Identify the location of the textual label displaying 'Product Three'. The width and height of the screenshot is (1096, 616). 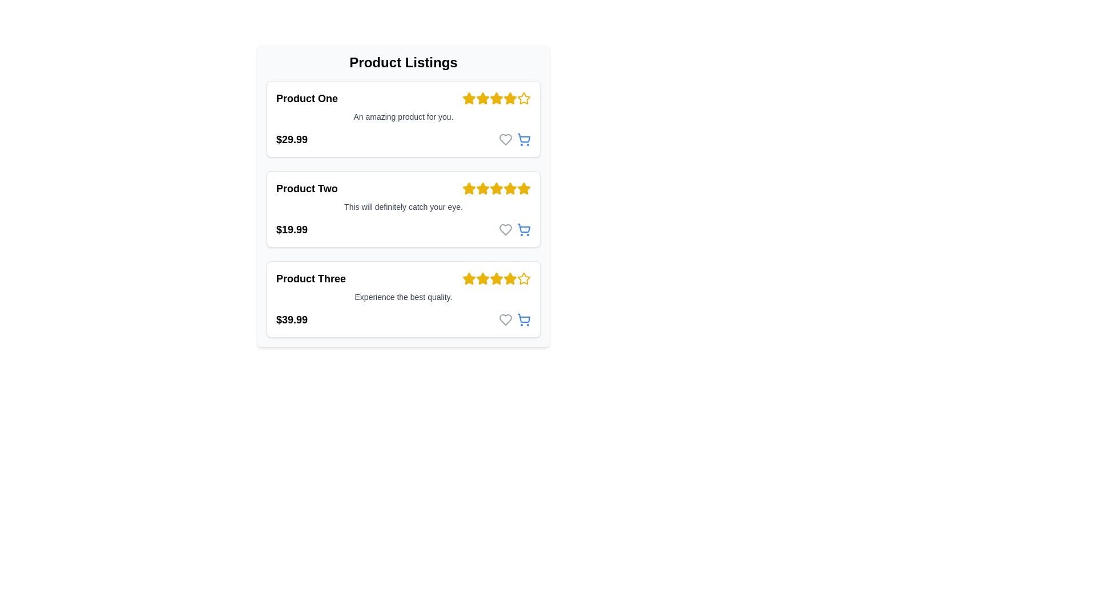
(311, 279).